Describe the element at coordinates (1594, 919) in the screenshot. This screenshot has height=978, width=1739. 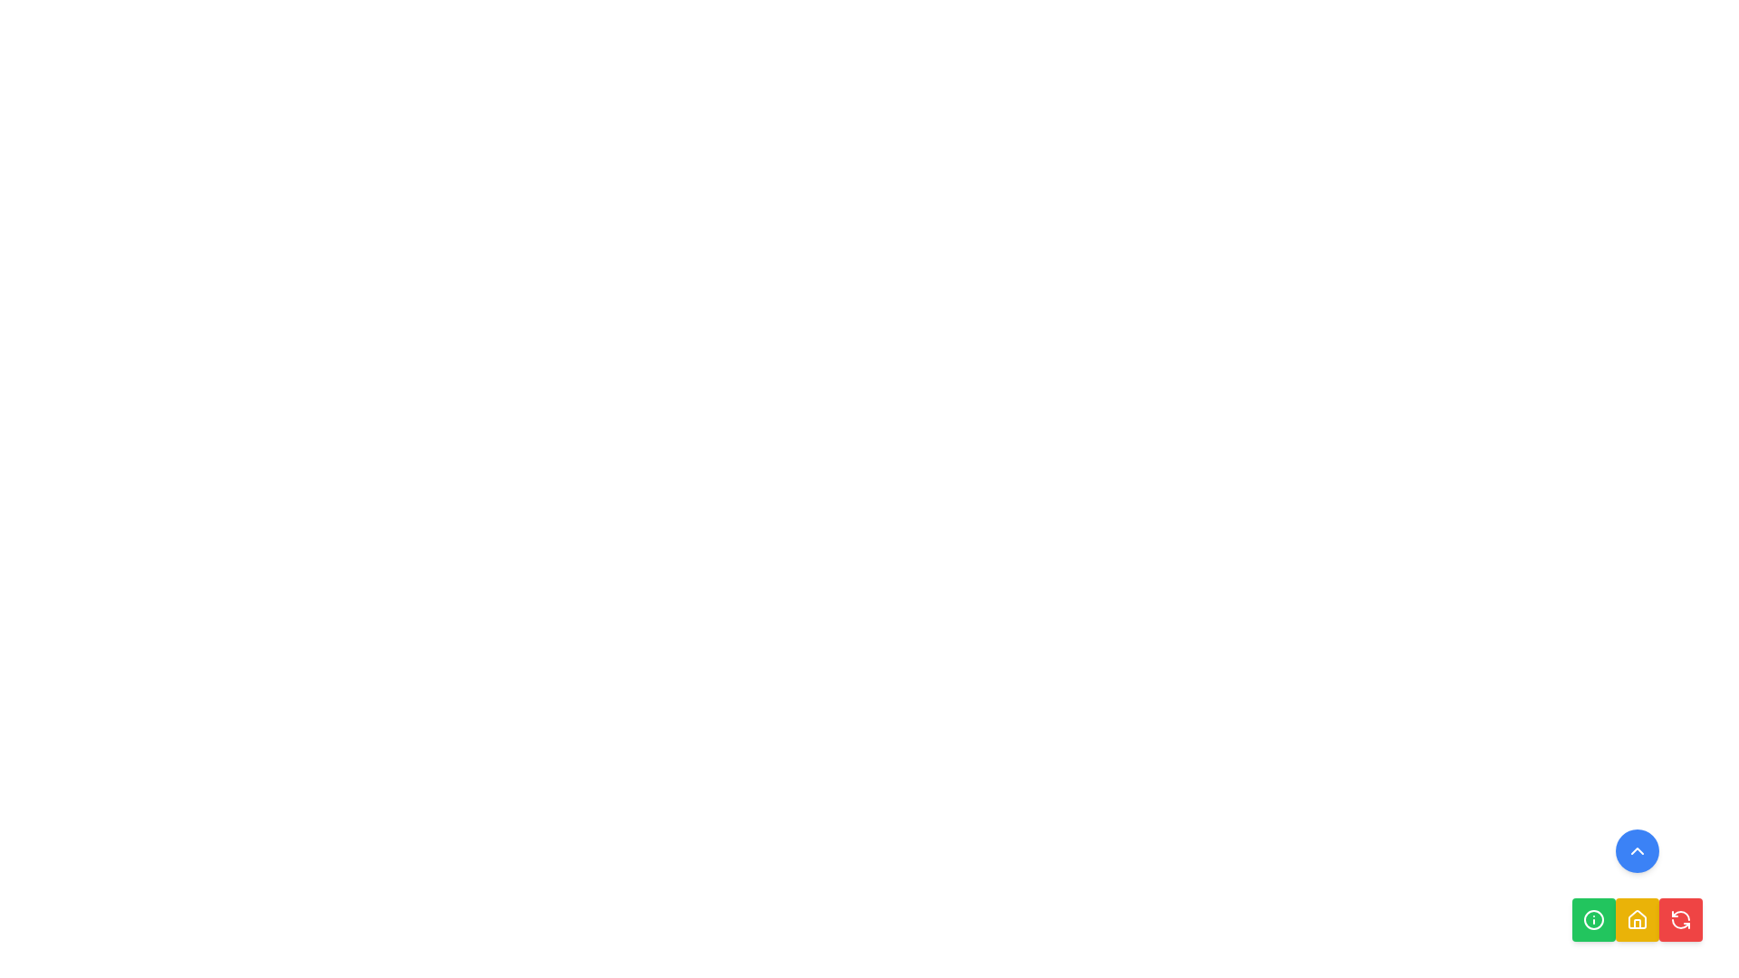
I see `the graphical circle element located at the center of the first green square icon on the left, positioned towards the bottom right corner of the interface` at that location.